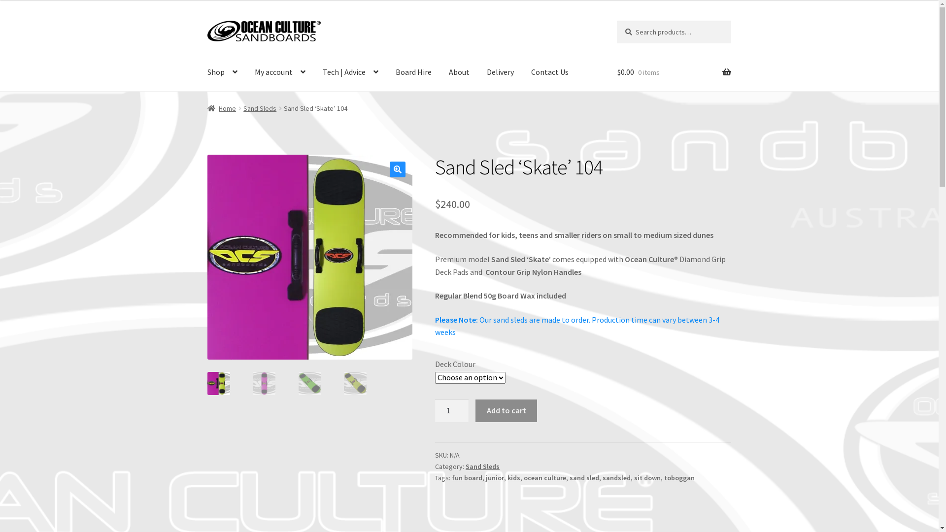 The width and height of the screenshot is (946, 532). What do you see at coordinates (465, 466) in the screenshot?
I see `'Sand Sleds'` at bounding box center [465, 466].